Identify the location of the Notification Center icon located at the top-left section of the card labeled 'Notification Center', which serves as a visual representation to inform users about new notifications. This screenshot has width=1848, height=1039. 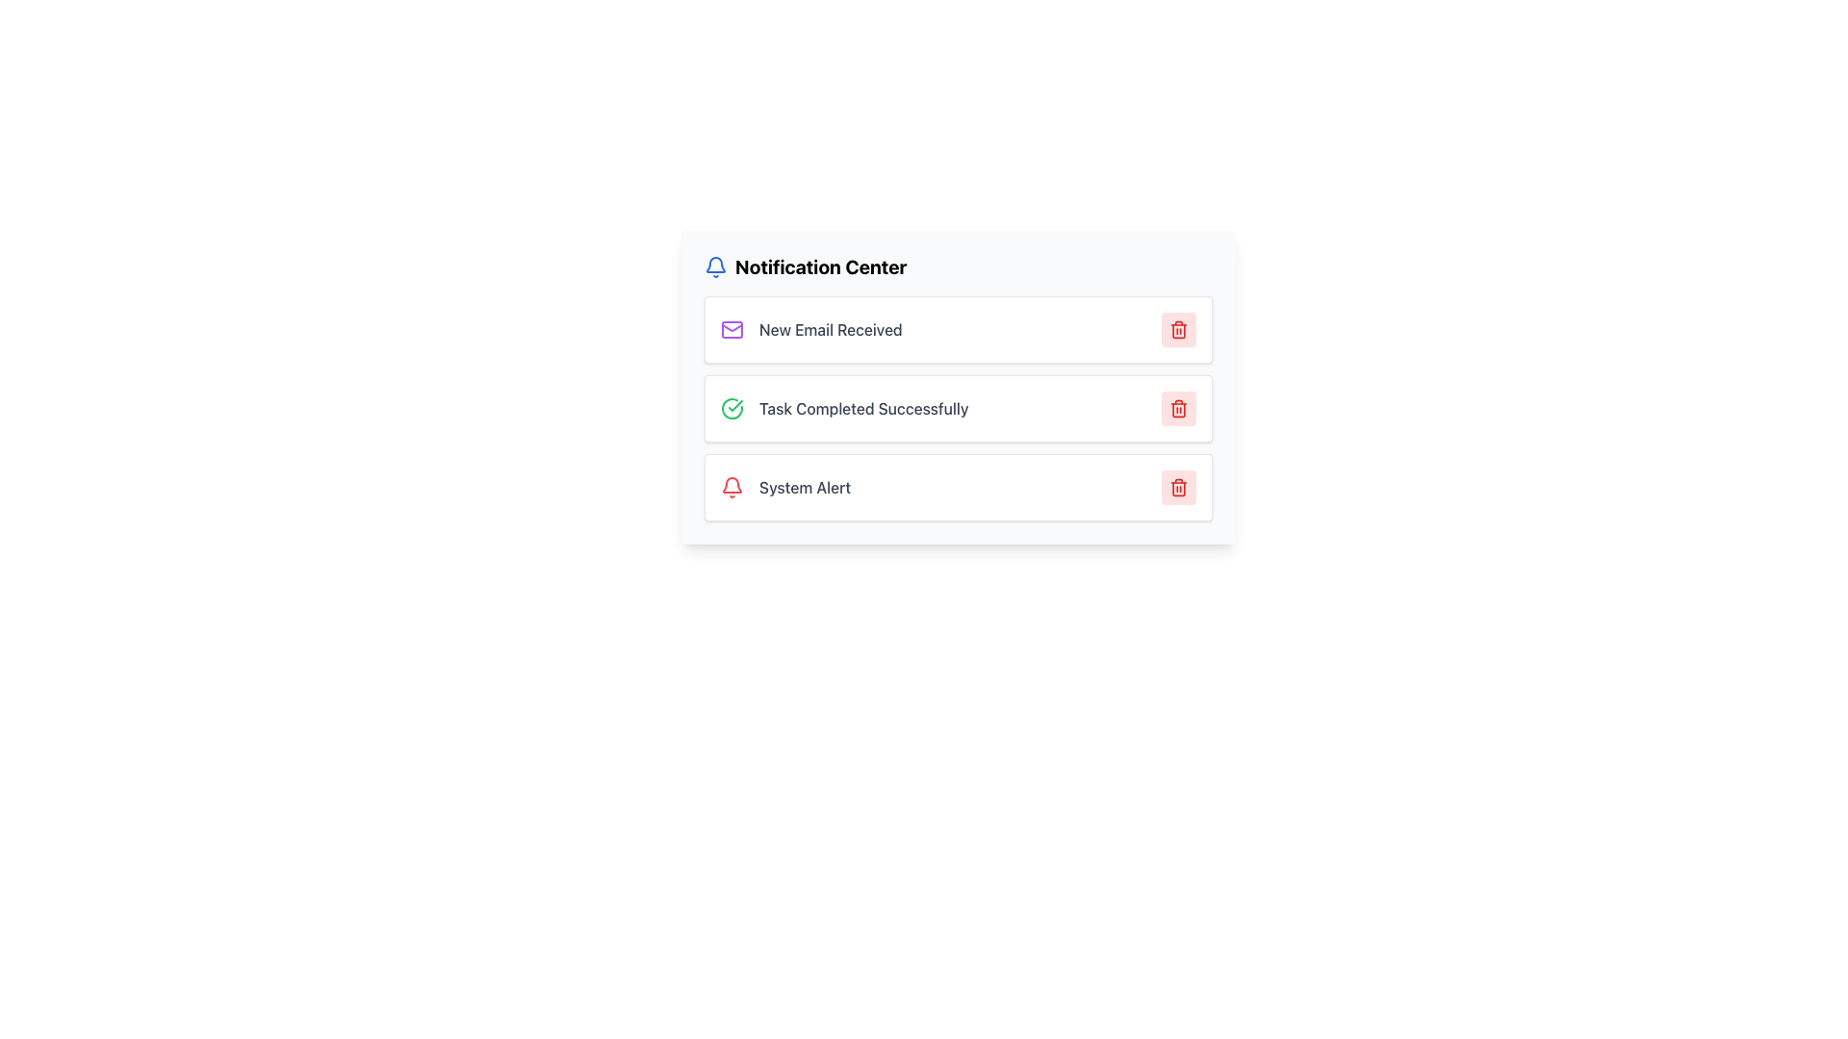
(715, 266).